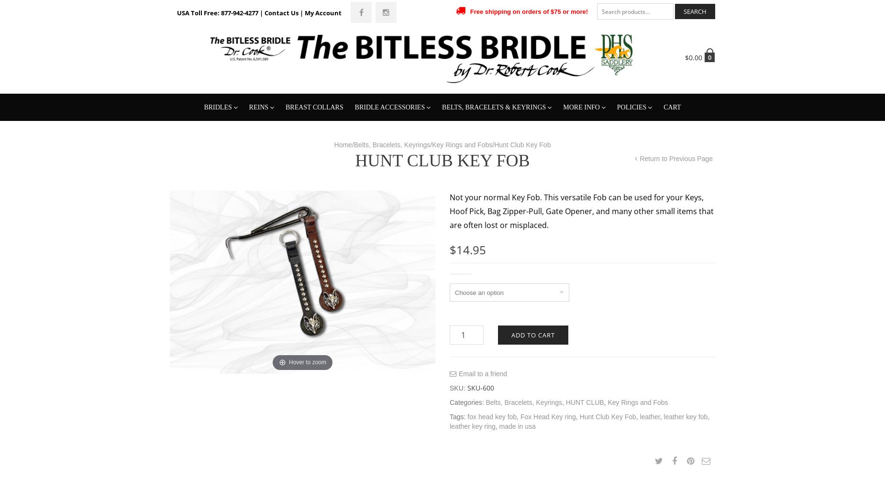 Image resolution: width=885 pixels, height=478 pixels. I want to click on 'Contact Us', so click(585, 170).